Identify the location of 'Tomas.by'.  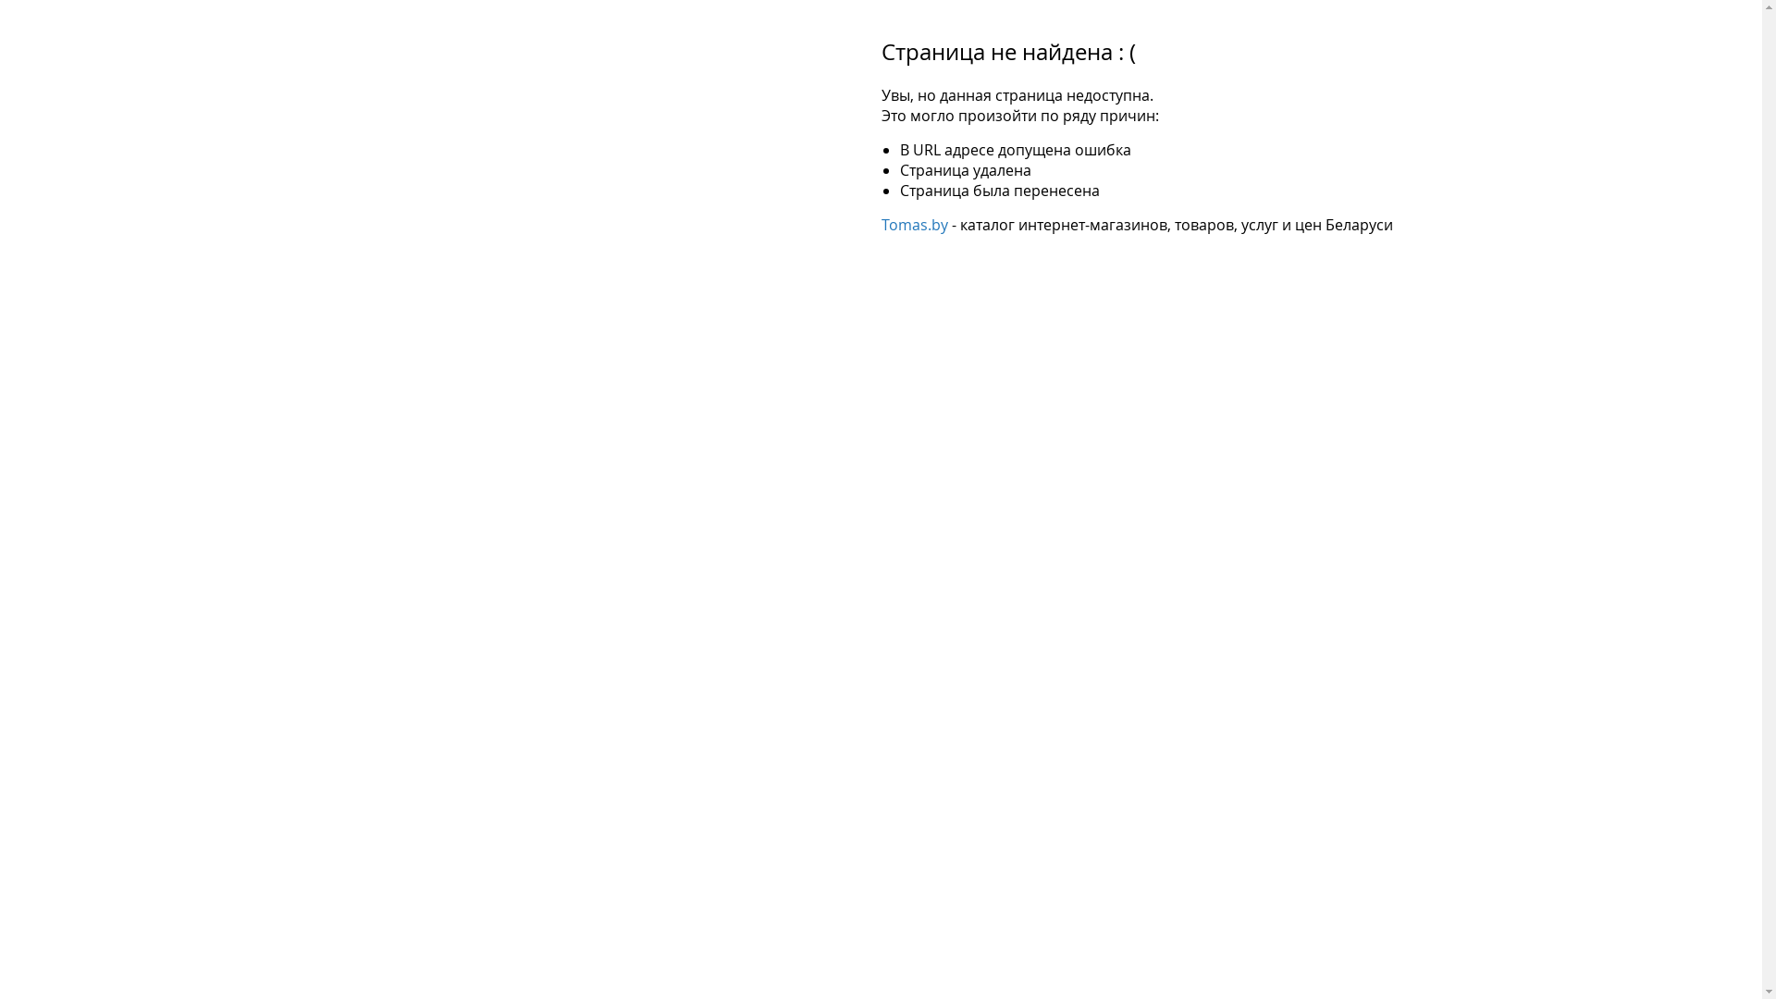
(879, 224).